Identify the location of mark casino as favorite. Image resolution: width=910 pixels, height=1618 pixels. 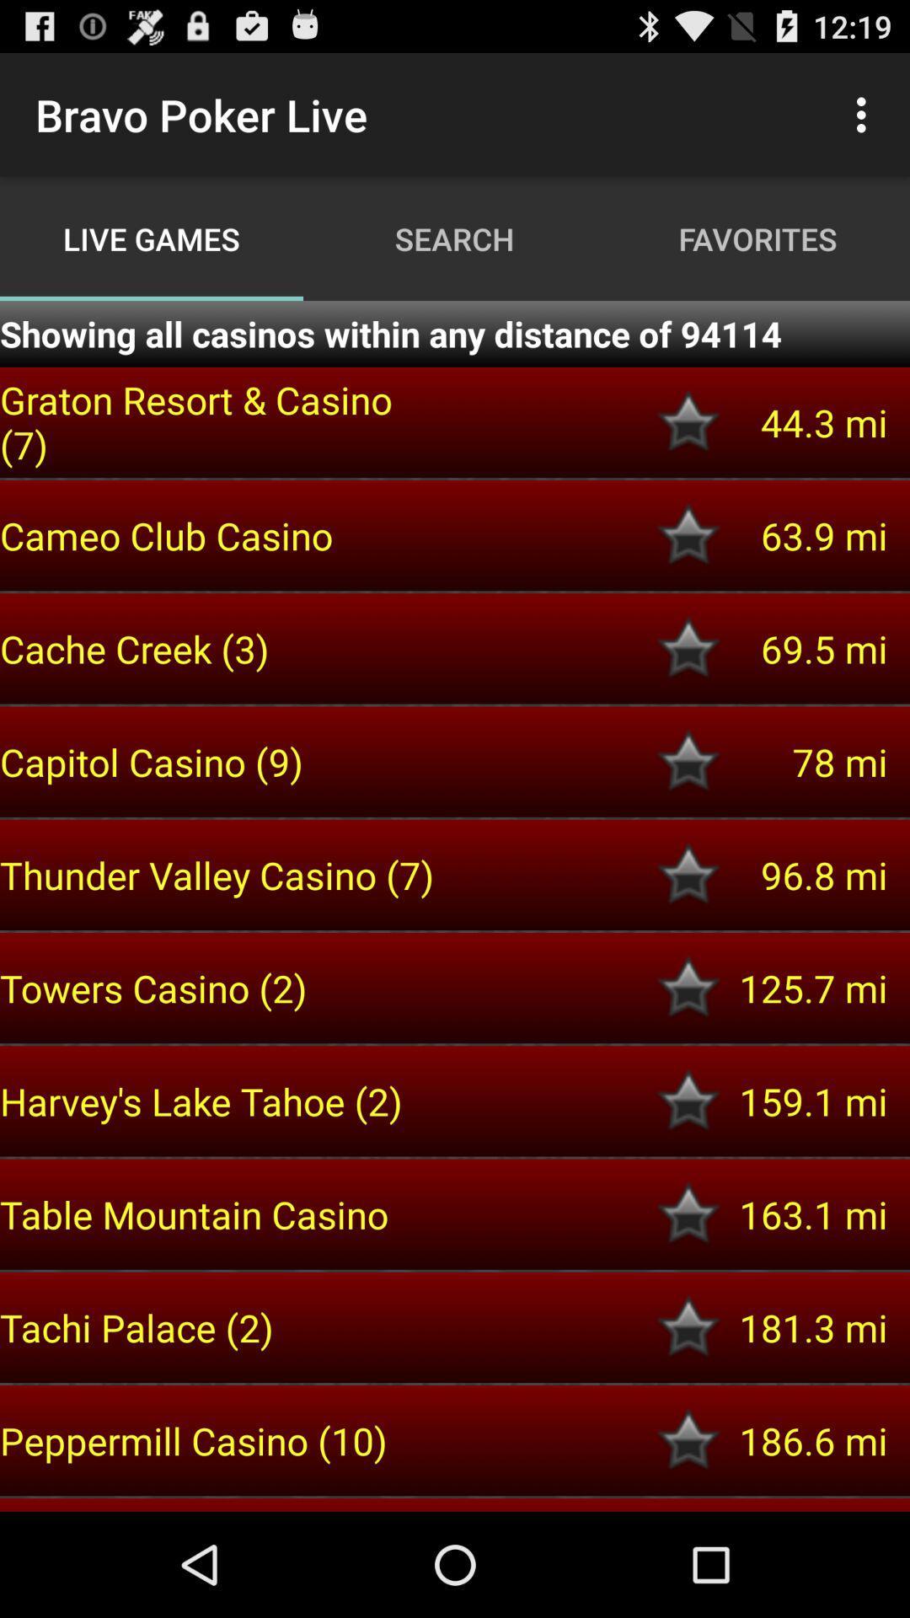
(688, 1439).